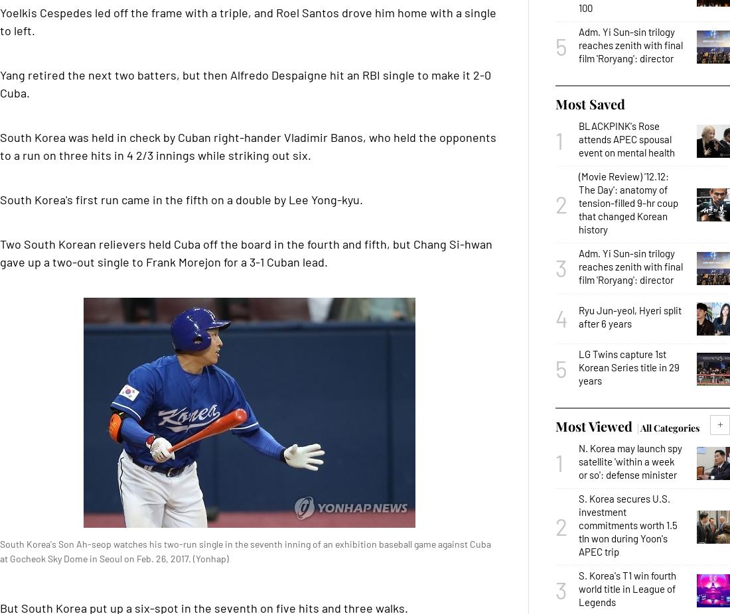 The image size is (730, 614). What do you see at coordinates (669, 426) in the screenshot?
I see `'All Categories'` at bounding box center [669, 426].